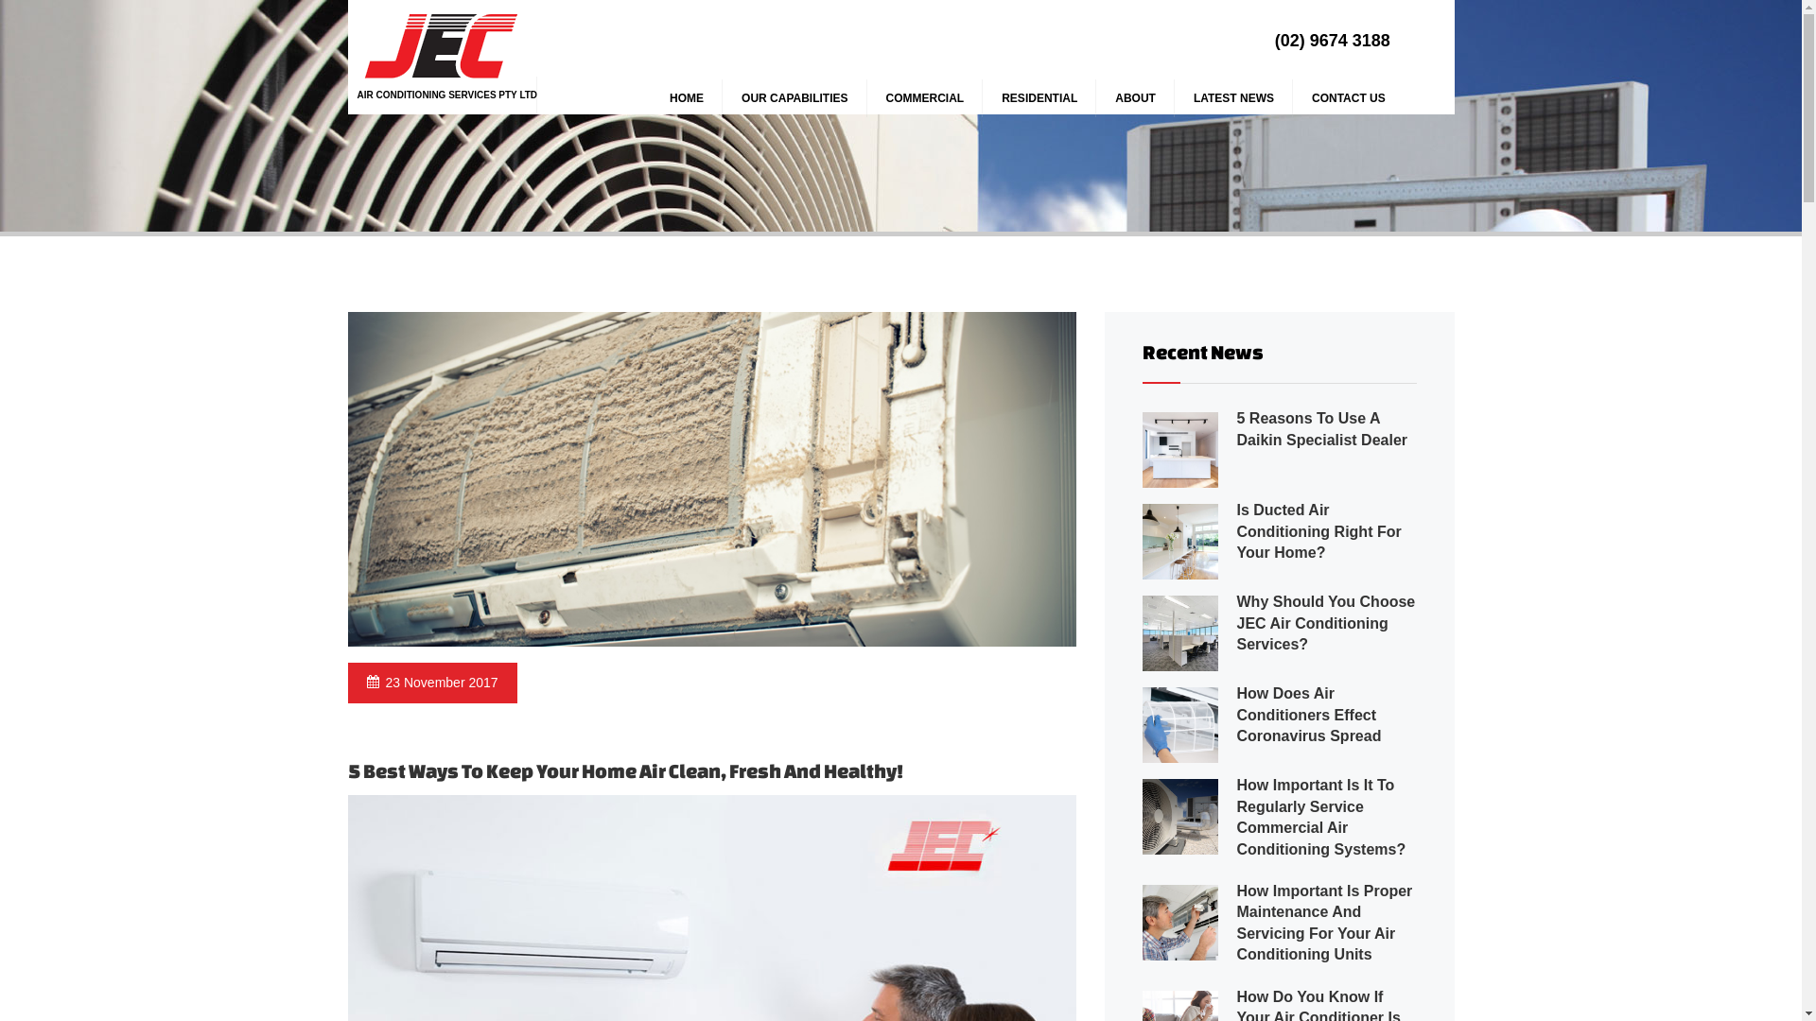  I want to click on 'RESIDENTIAL', so click(1039, 98).